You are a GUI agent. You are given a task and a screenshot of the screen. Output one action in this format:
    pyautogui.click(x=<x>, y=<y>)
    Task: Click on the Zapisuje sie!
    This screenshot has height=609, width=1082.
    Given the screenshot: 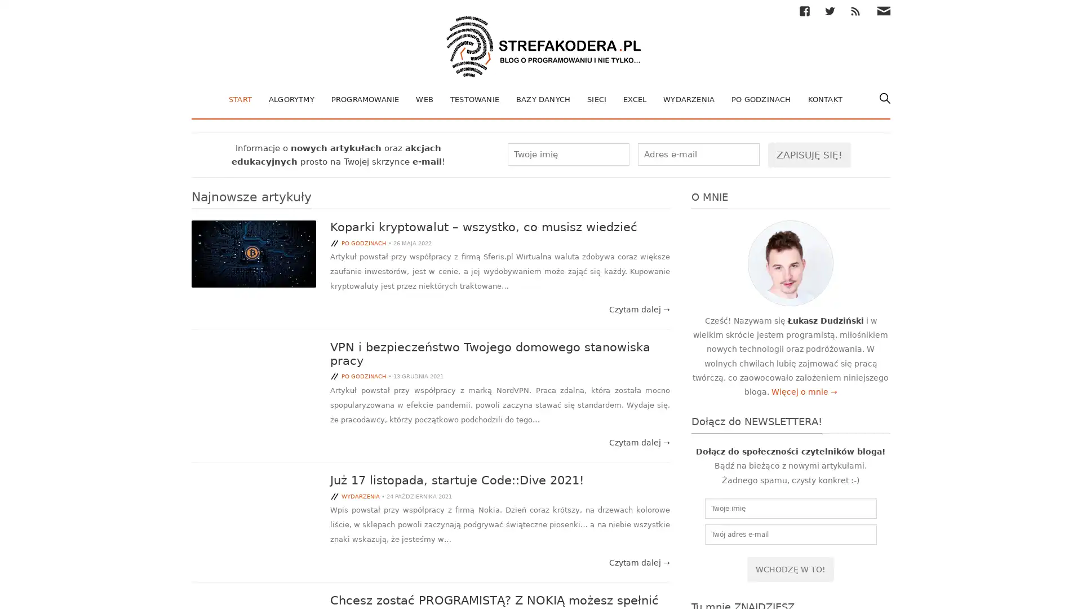 What is the action you would take?
    pyautogui.click(x=808, y=155)
    